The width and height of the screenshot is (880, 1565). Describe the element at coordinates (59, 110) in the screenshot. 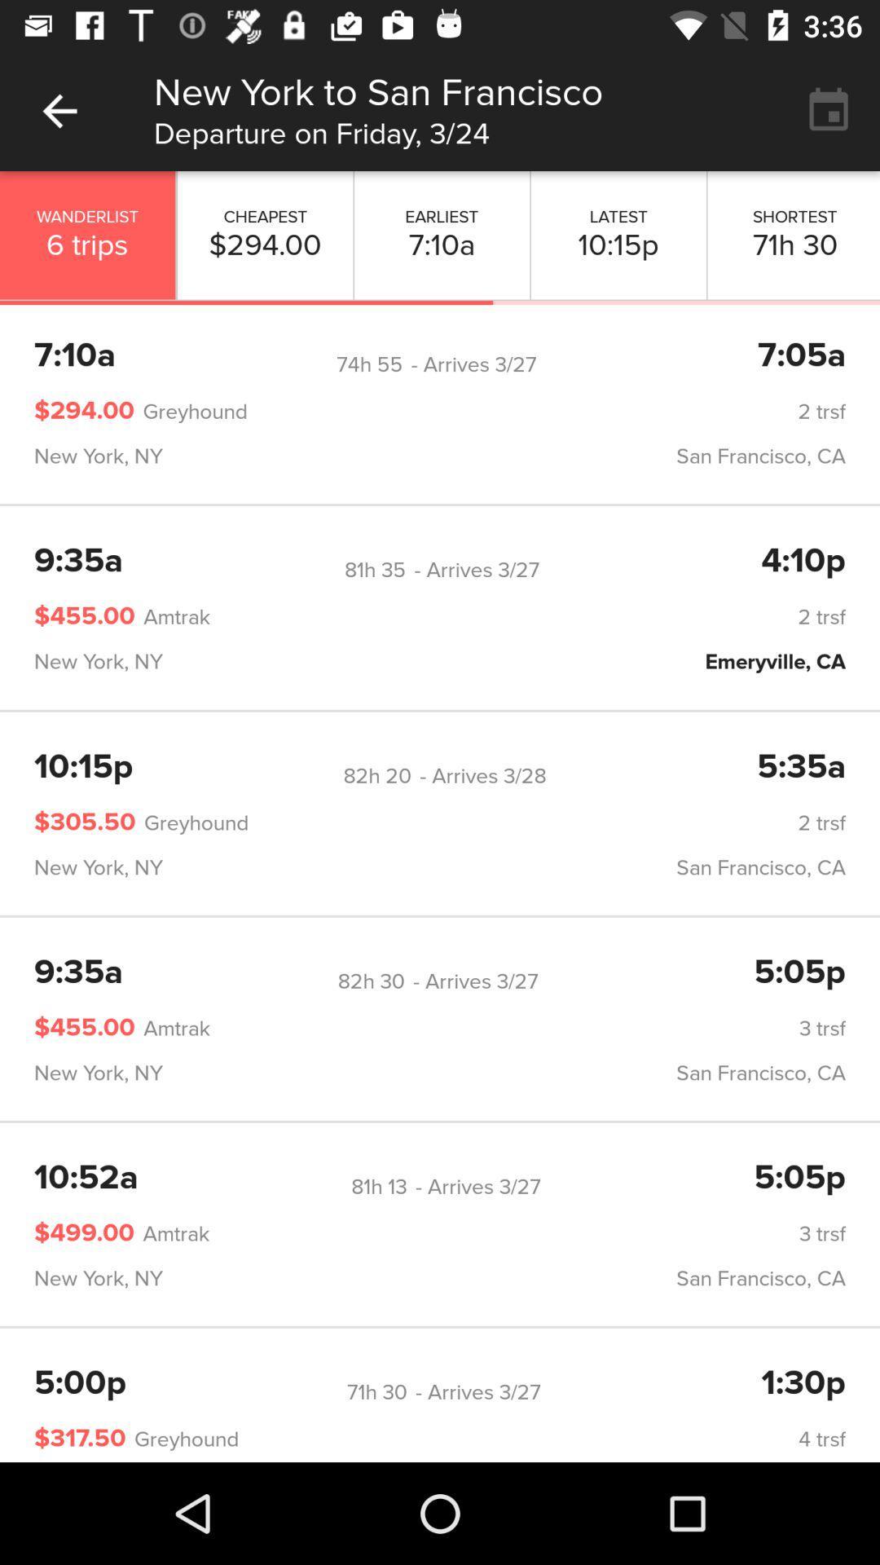

I see `go back` at that location.